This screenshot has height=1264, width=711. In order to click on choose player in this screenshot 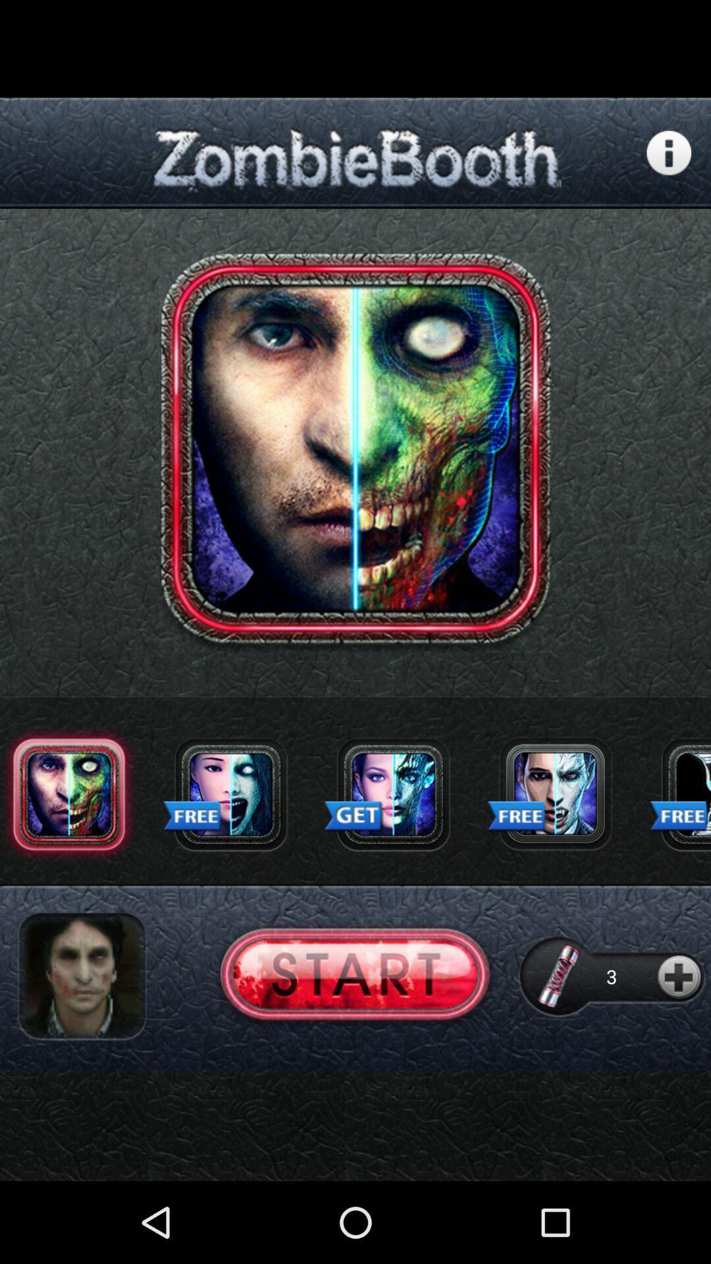, I will do `click(82, 976)`.